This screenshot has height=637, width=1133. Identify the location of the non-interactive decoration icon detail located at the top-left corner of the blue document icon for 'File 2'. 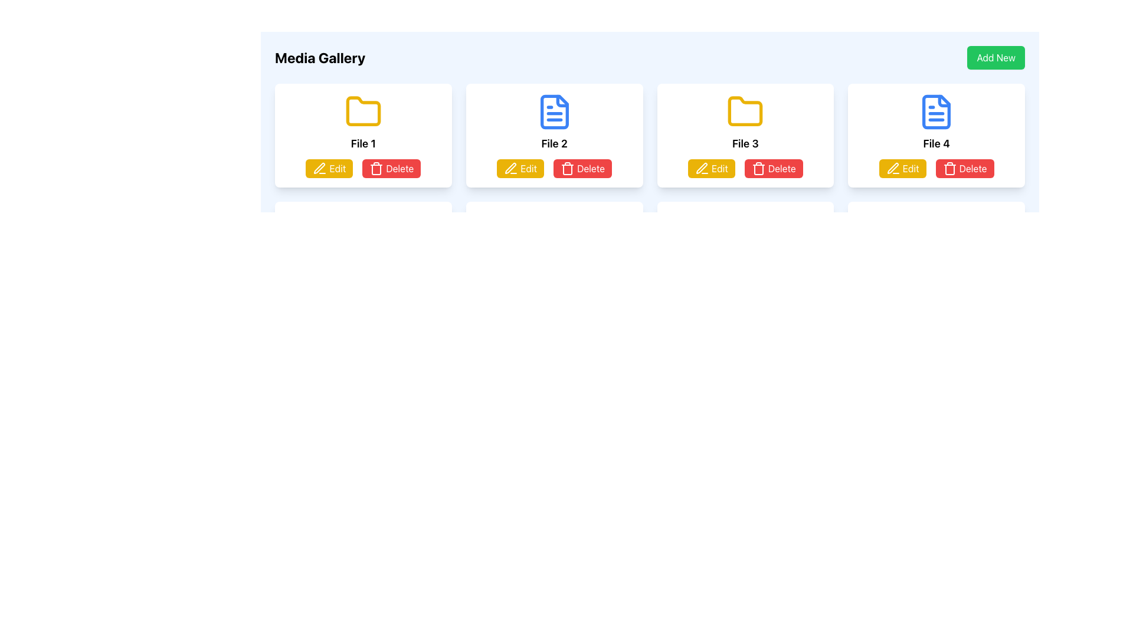
(561, 100).